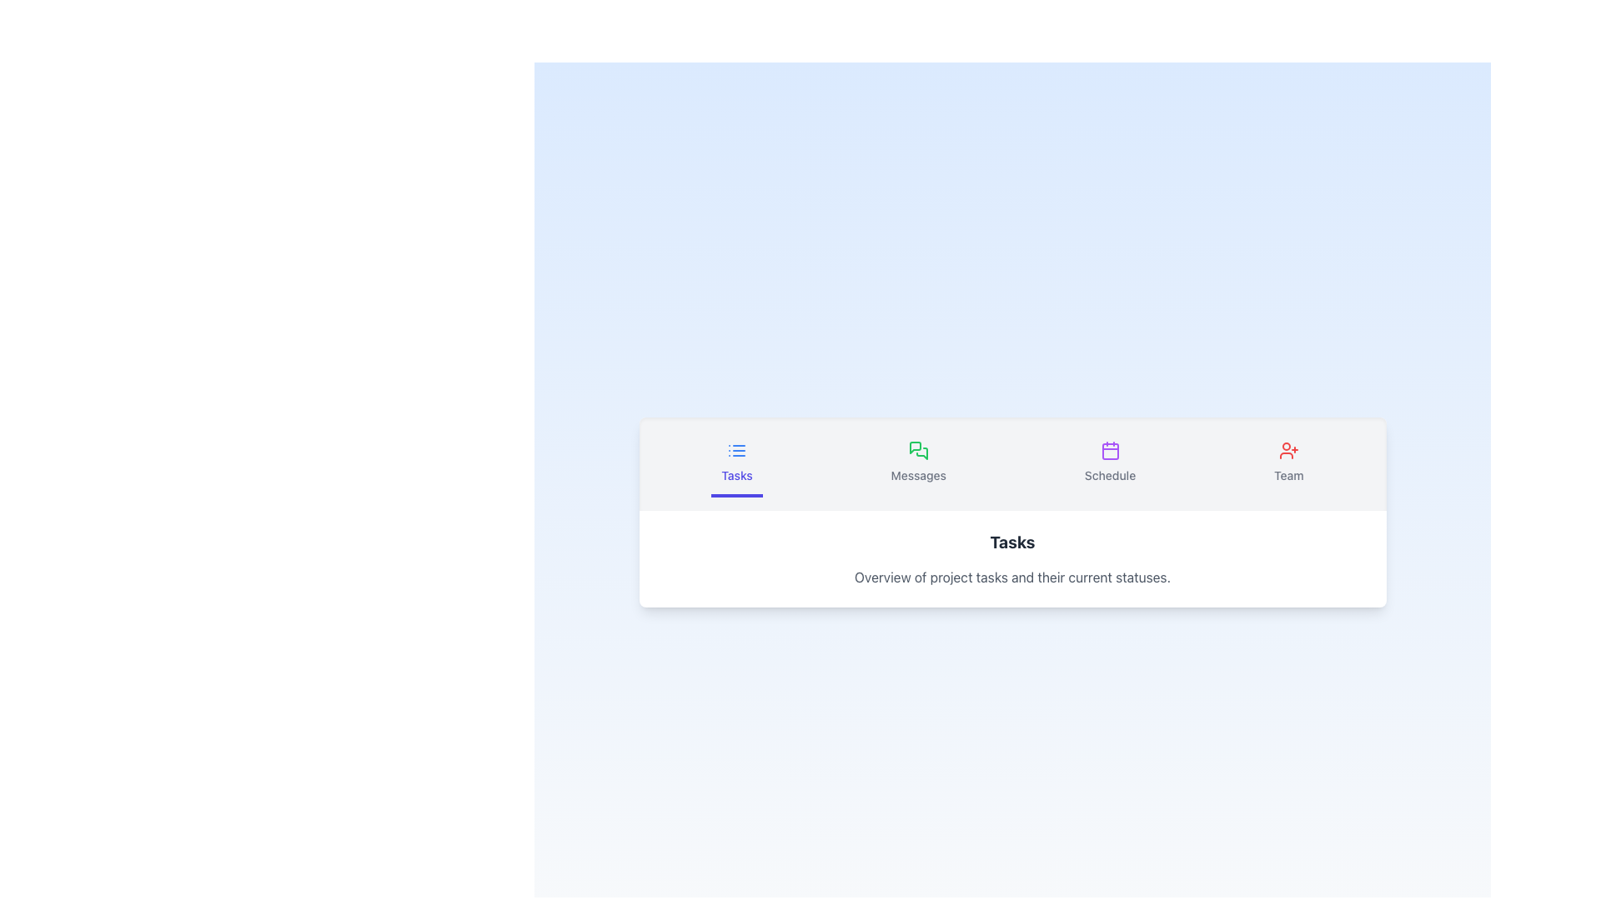 Image resolution: width=1601 pixels, height=900 pixels. Describe the element at coordinates (1287, 450) in the screenshot. I see `the red user silhouette icon with a plus sign located in the top navigation bar, which is the rightmost icon in the row associated with the 'Team' label` at that location.